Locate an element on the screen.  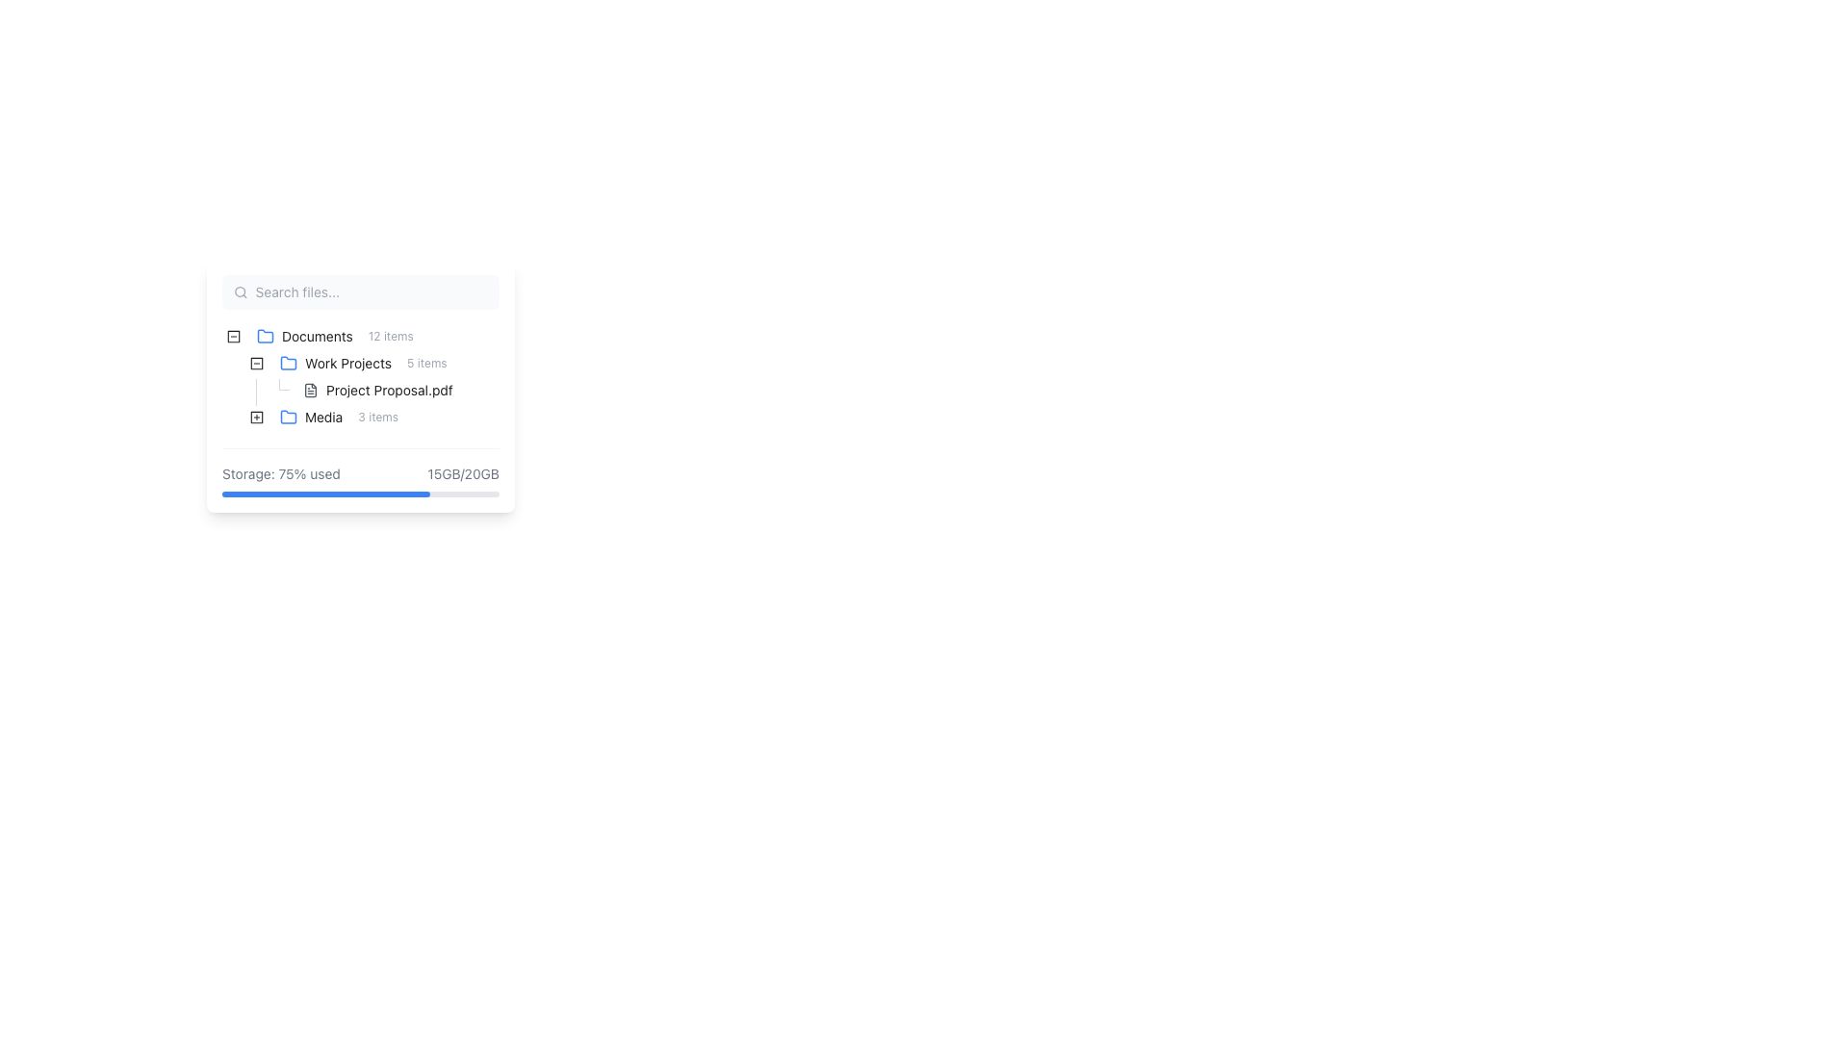
the minus sign button indicating an expanded state for the 'Documents' tree node is located at coordinates (233, 336).